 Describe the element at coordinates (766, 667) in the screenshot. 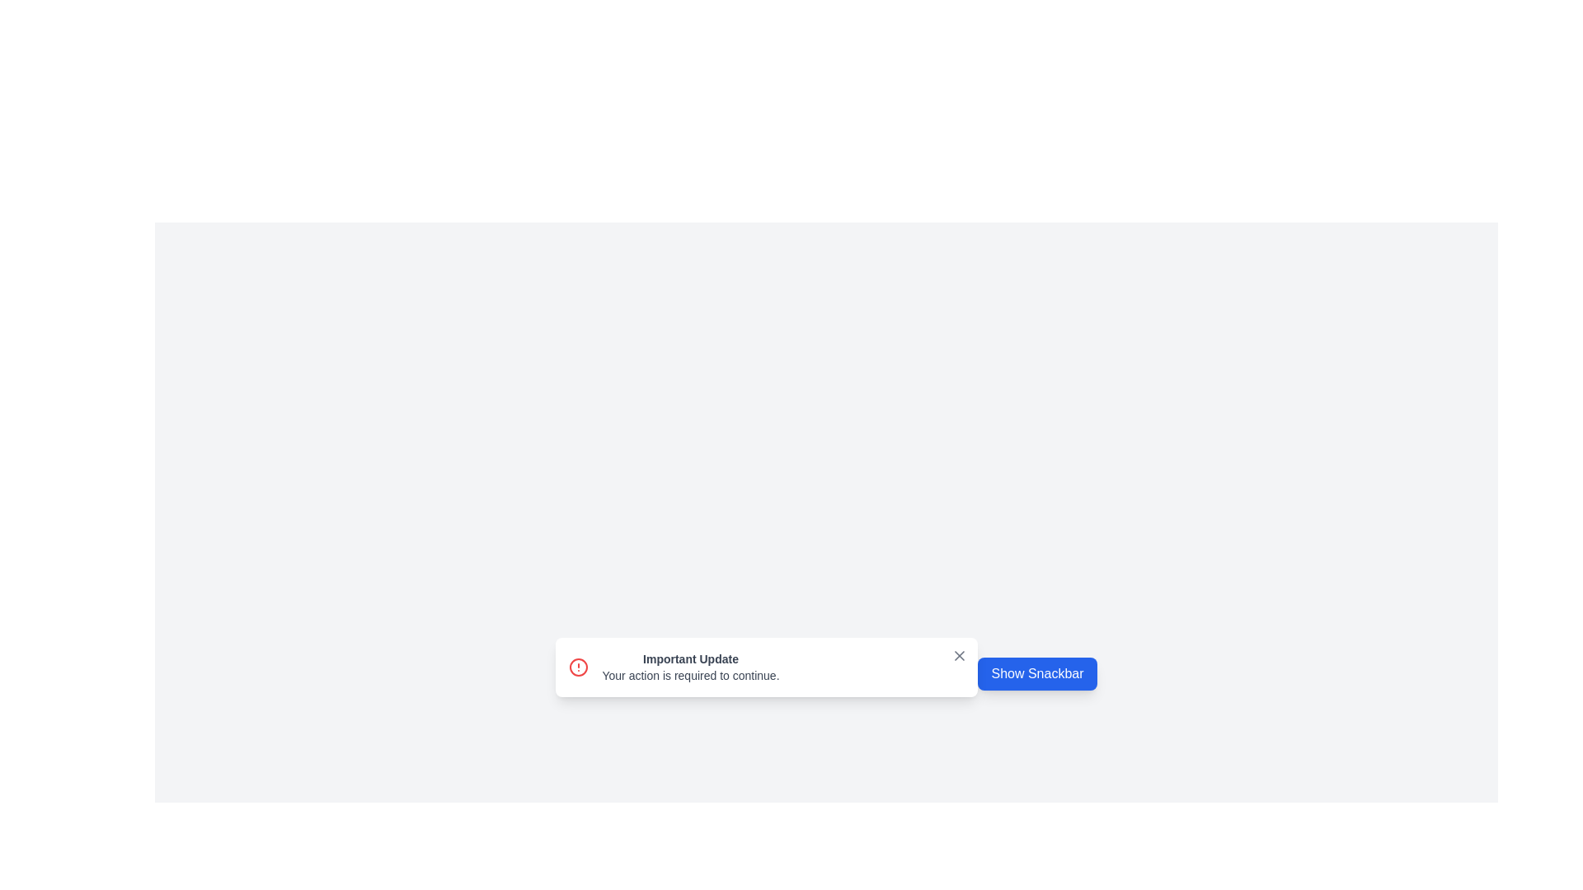

I see `the snackbar to focus on its content` at that location.